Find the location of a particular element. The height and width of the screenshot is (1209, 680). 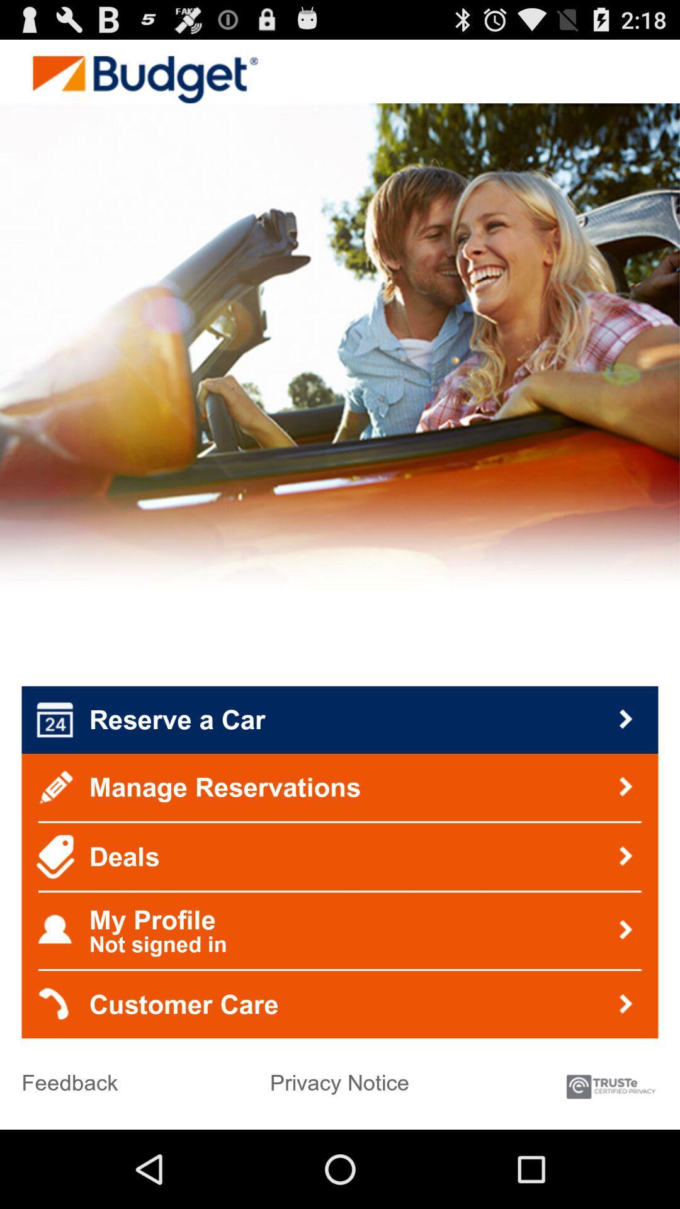

reserve a car is located at coordinates (340, 720).